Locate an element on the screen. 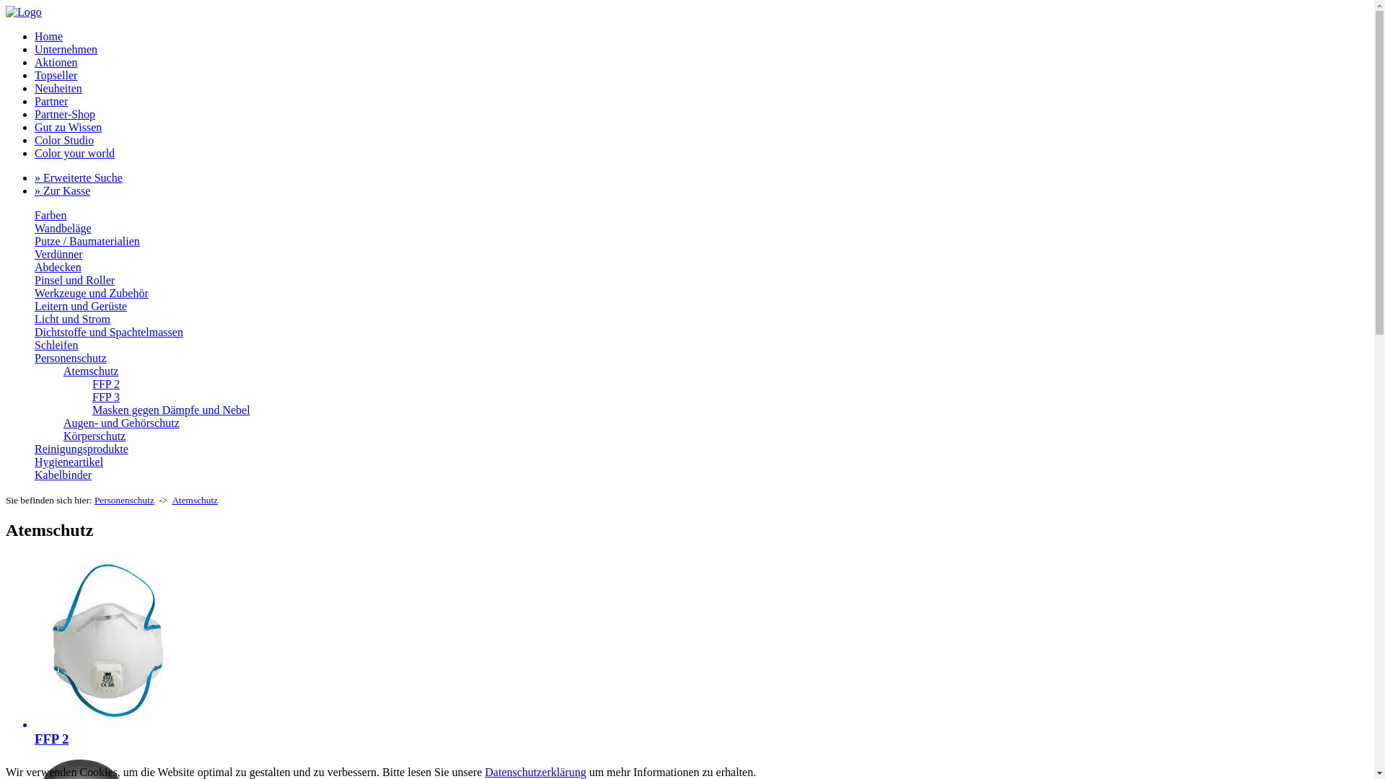 Image resolution: width=1385 pixels, height=779 pixels. 'Partner-Shop' is located at coordinates (64, 113).